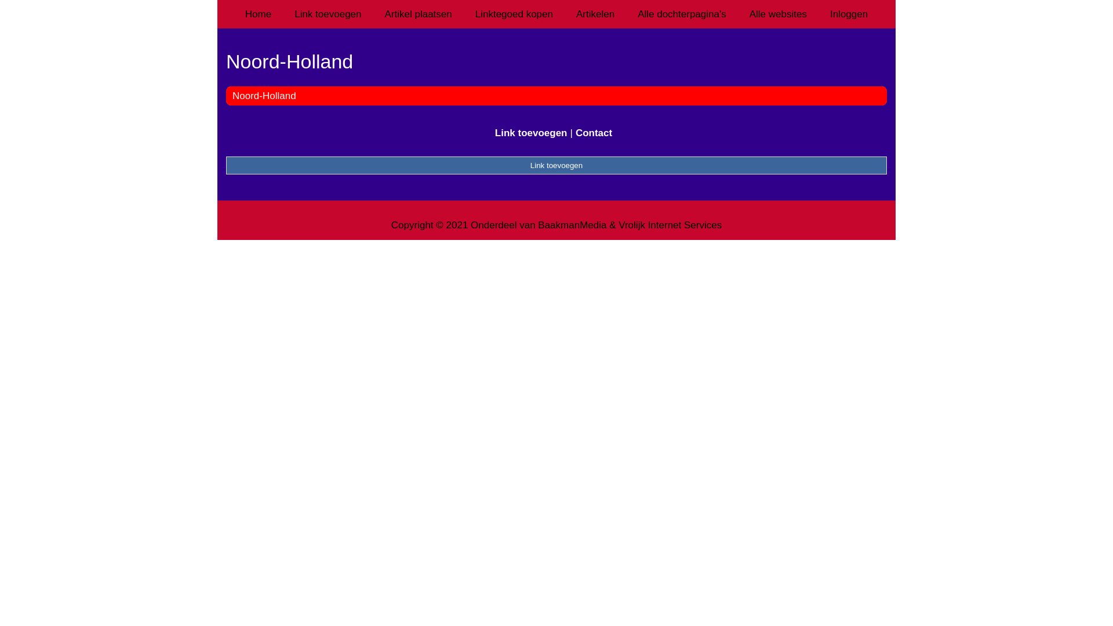 This screenshot has width=1113, height=626. Describe the element at coordinates (514, 14) in the screenshot. I see `'Linktegoed kopen'` at that location.